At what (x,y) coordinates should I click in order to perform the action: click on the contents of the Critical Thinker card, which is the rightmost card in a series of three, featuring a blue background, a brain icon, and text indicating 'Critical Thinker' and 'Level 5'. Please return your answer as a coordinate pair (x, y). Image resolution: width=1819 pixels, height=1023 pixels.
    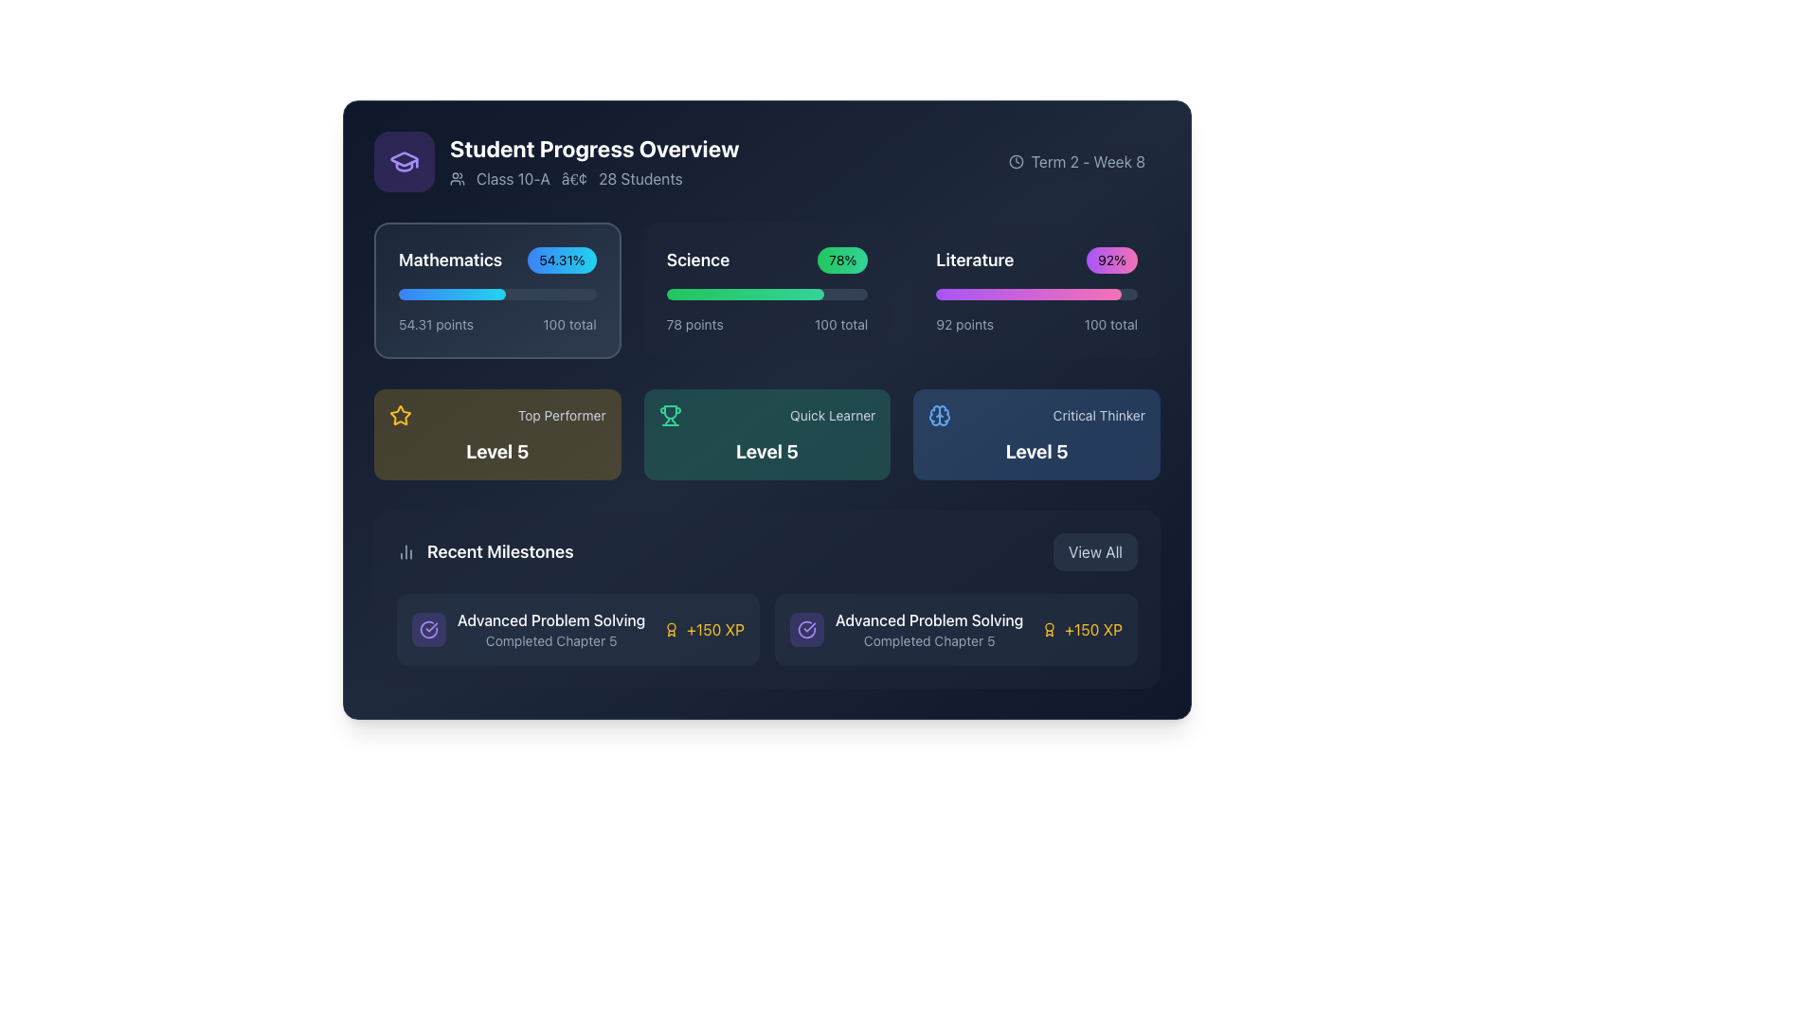
    Looking at the image, I should click on (1036, 435).